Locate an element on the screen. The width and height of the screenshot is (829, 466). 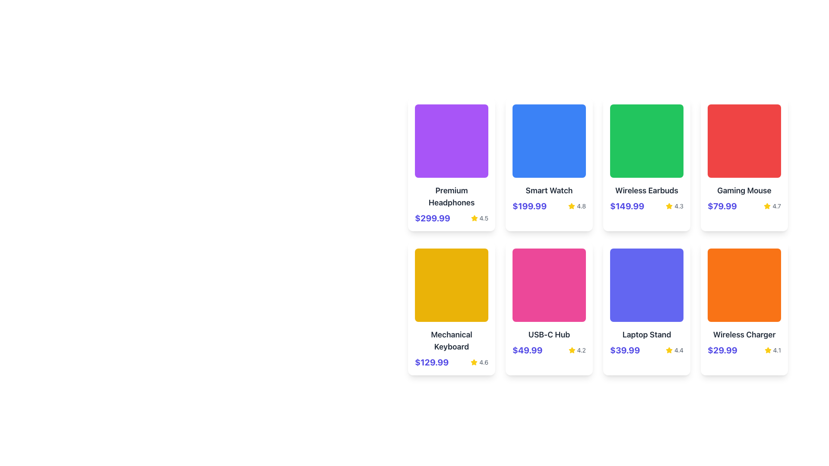
the price label displaying '$39.99' for the 'Laptop Stand' item is located at coordinates (625, 350).